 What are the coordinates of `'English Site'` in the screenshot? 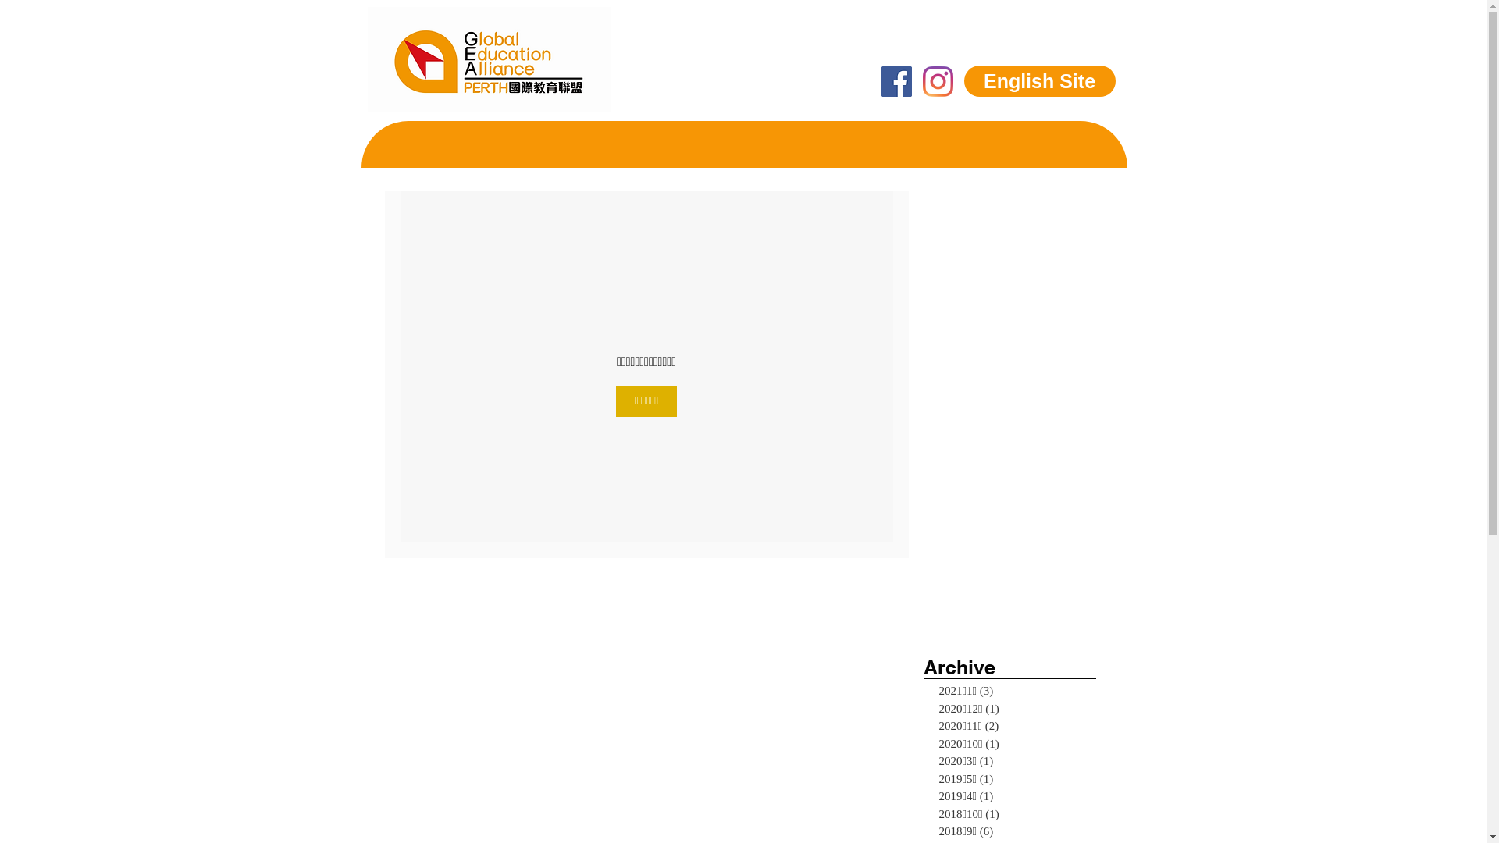 It's located at (1038, 81).